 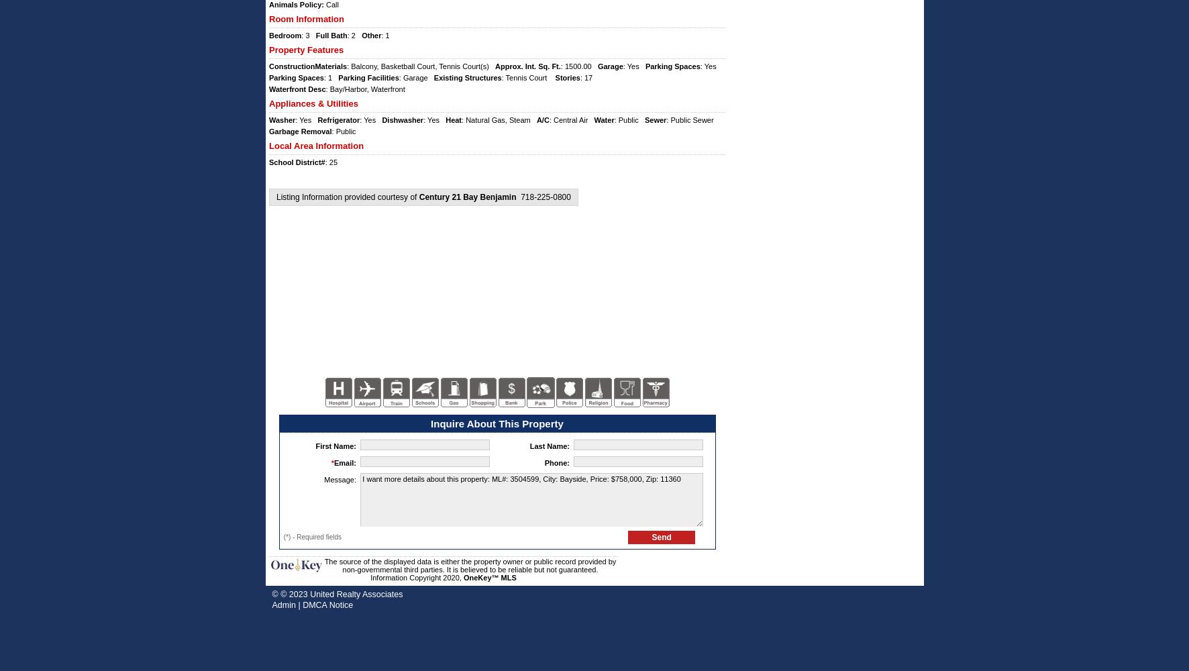 I want to click on ': 1500.00', so click(x=578, y=66).